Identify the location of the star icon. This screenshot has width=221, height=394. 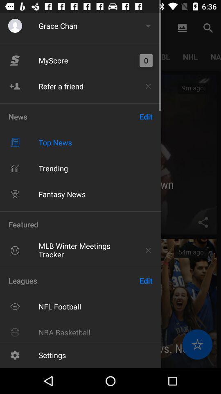
(197, 344).